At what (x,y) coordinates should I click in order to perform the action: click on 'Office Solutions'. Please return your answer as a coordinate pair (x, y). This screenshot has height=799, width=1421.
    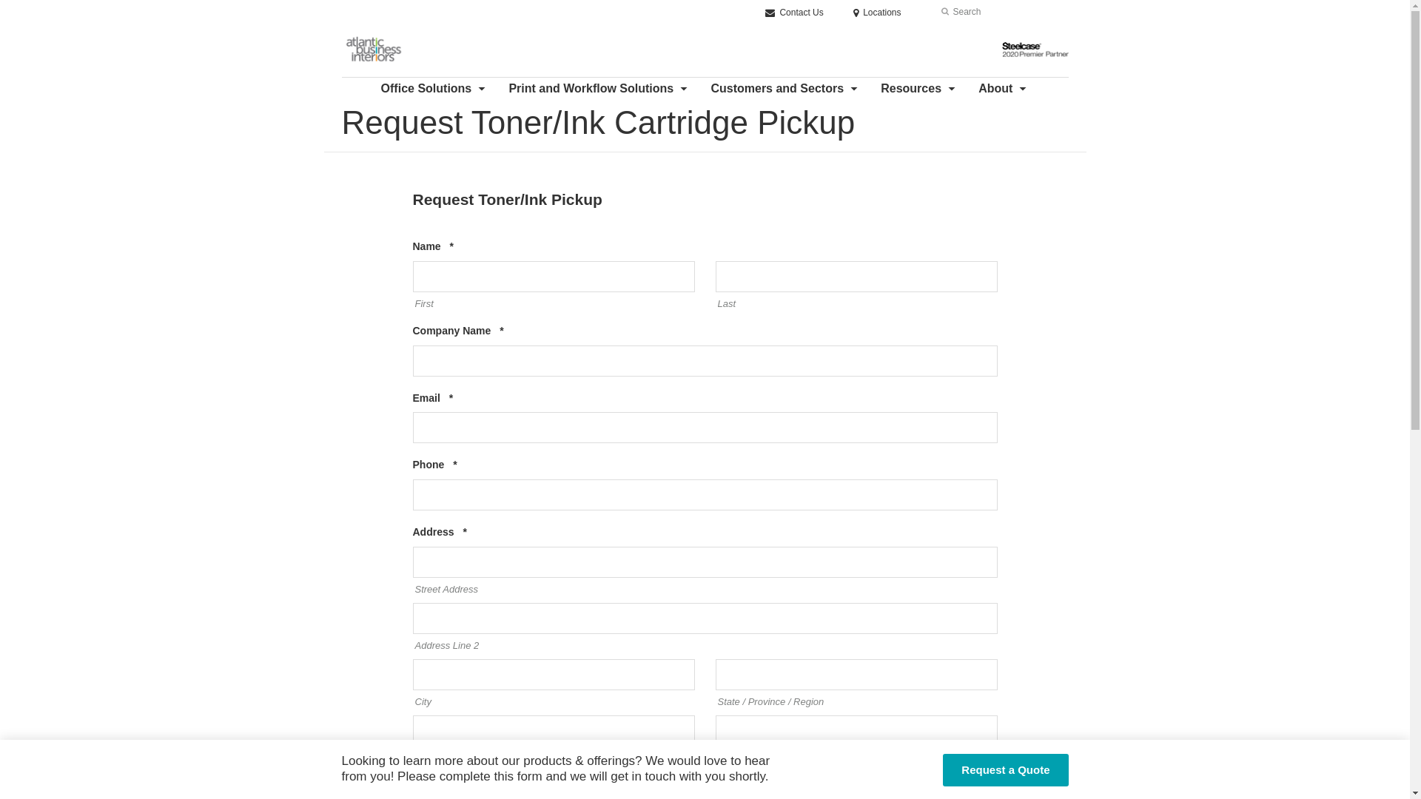
    Looking at the image, I should click on (434, 88).